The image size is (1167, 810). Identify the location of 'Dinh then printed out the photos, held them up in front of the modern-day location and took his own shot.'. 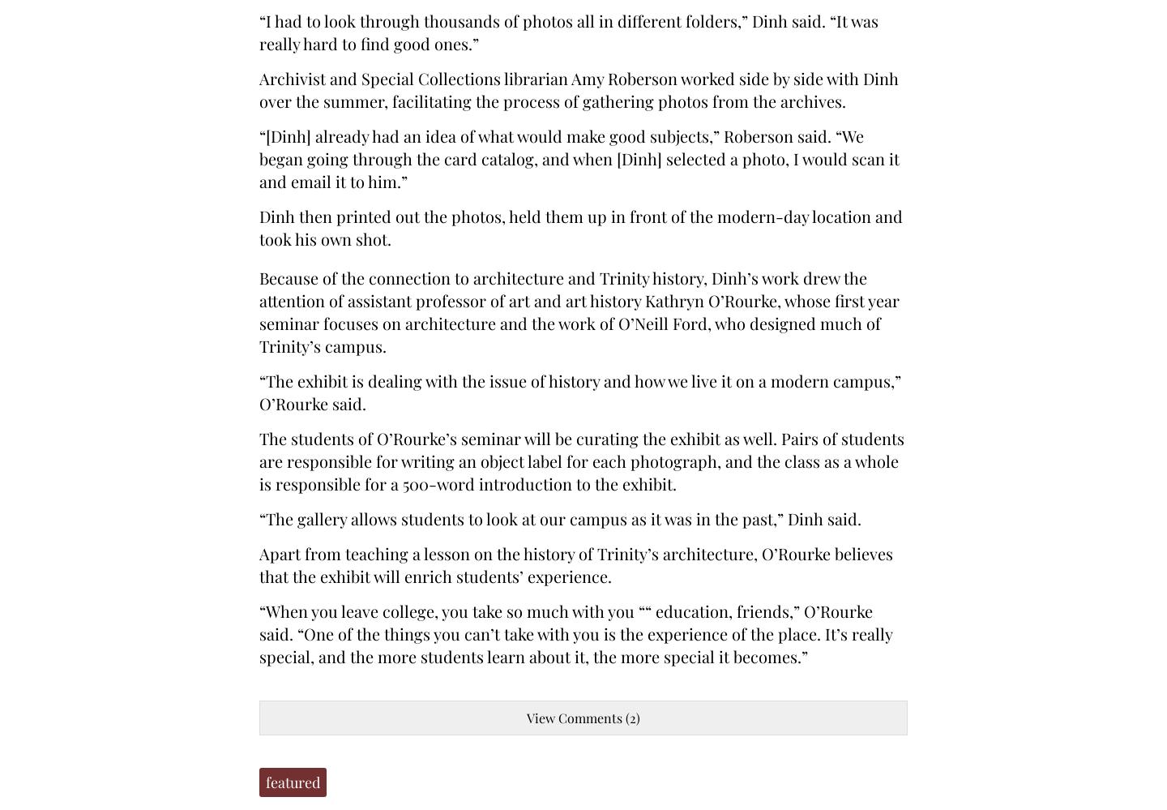
(580, 226).